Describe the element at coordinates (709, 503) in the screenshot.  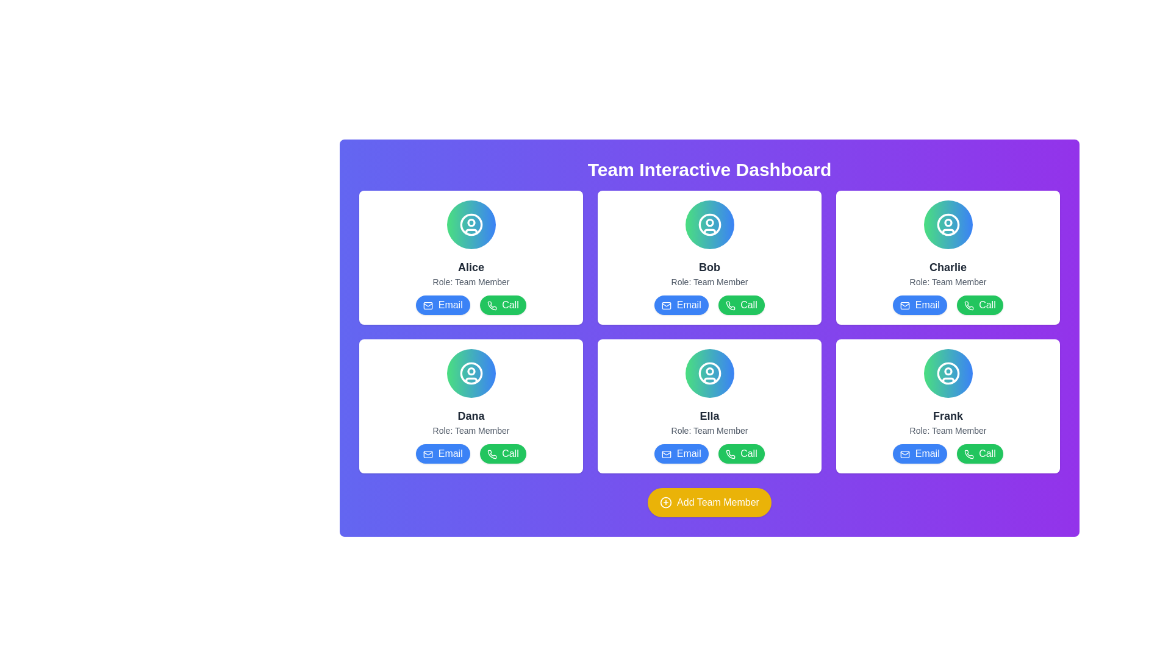
I see `the button that allows users to add a new team member to the dashboard` at that location.